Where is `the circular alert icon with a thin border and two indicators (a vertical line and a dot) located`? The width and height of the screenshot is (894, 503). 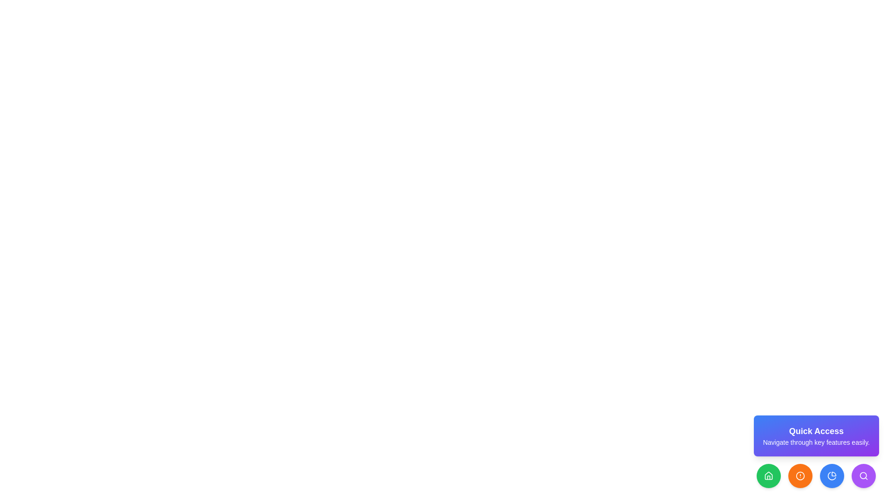 the circular alert icon with a thin border and two indicators (a vertical line and a dot) located is located at coordinates (800, 476).